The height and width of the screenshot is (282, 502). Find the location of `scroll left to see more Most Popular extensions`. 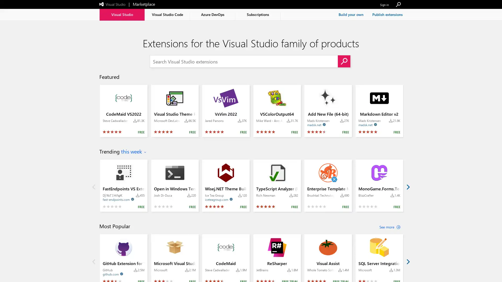

scroll left to see more Most Popular extensions is located at coordinates (94, 261).